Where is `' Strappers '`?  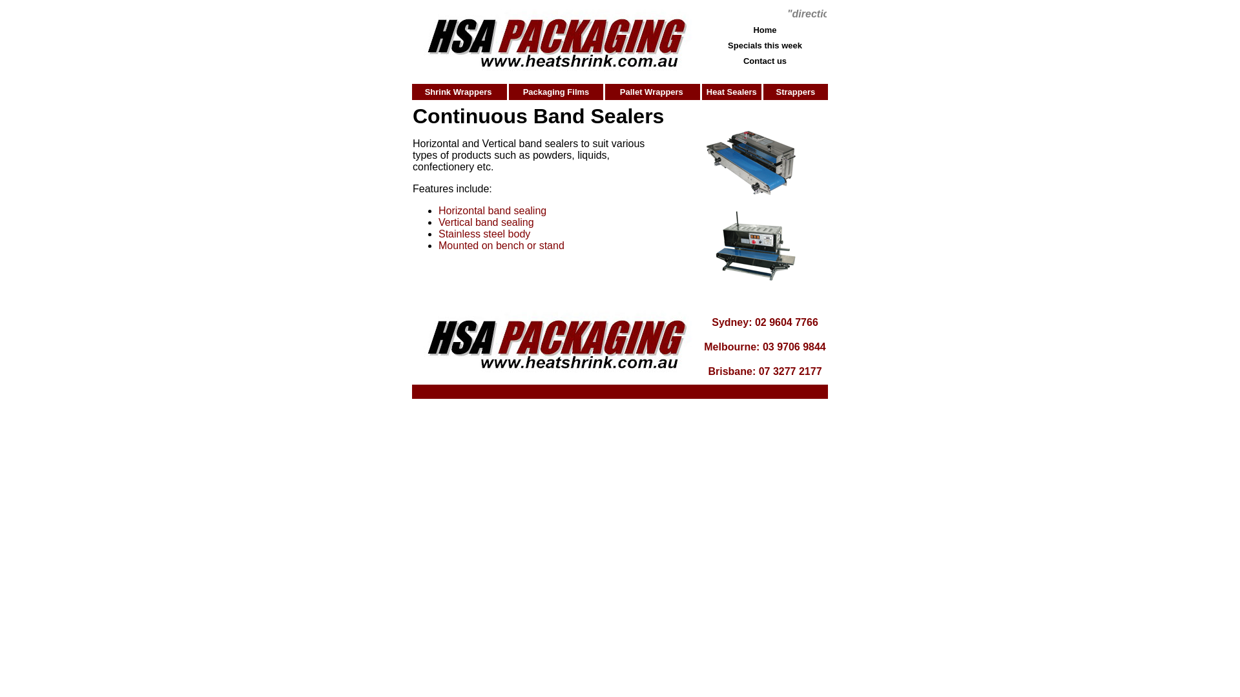
' Strappers ' is located at coordinates (795, 91).